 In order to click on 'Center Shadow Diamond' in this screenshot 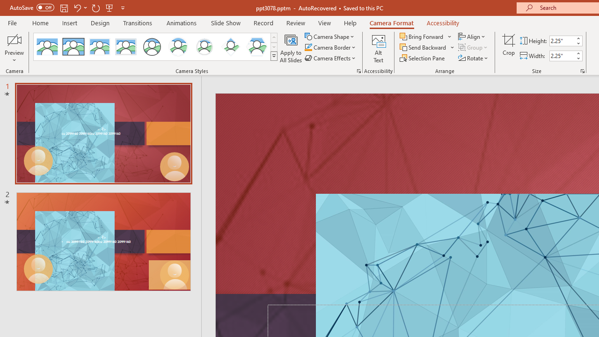, I will do `click(230, 47)`.